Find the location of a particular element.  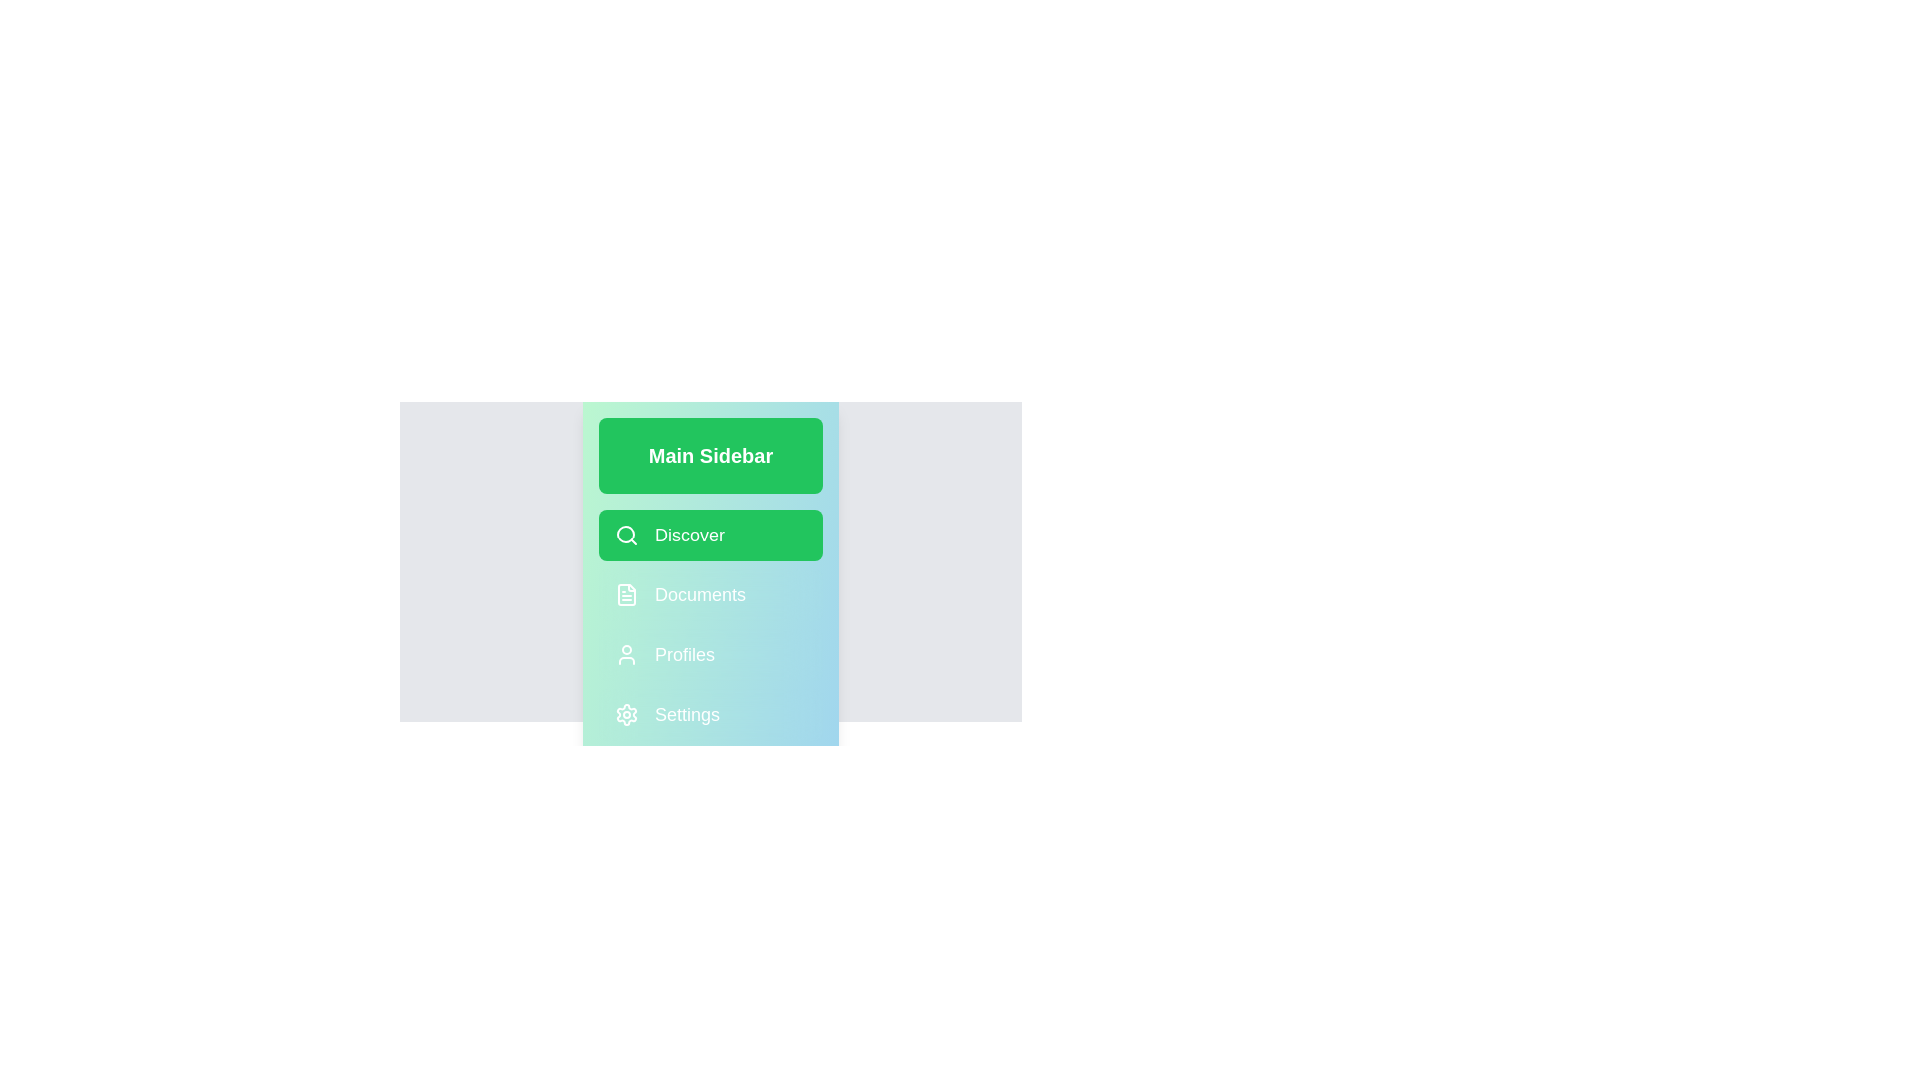

the search icon located to the left of the 'Discover' text within the green rectangular button in the sidebar panel is located at coordinates (625, 534).